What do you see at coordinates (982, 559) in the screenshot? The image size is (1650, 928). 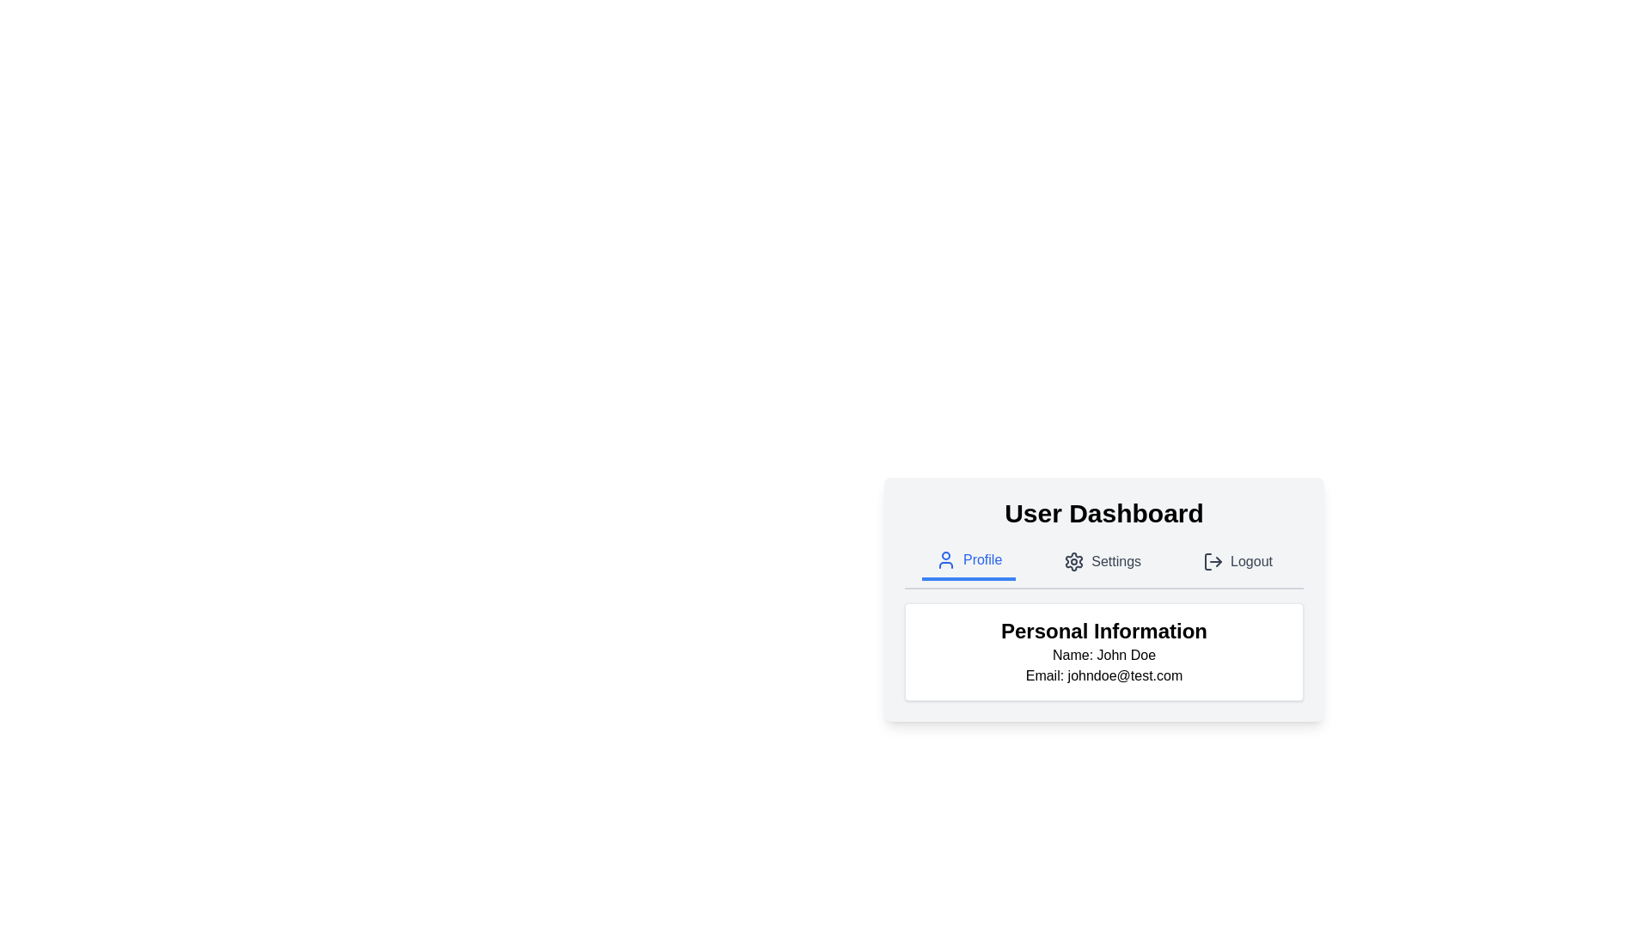 I see `the 'Profile' label in the navigation bar` at bounding box center [982, 559].